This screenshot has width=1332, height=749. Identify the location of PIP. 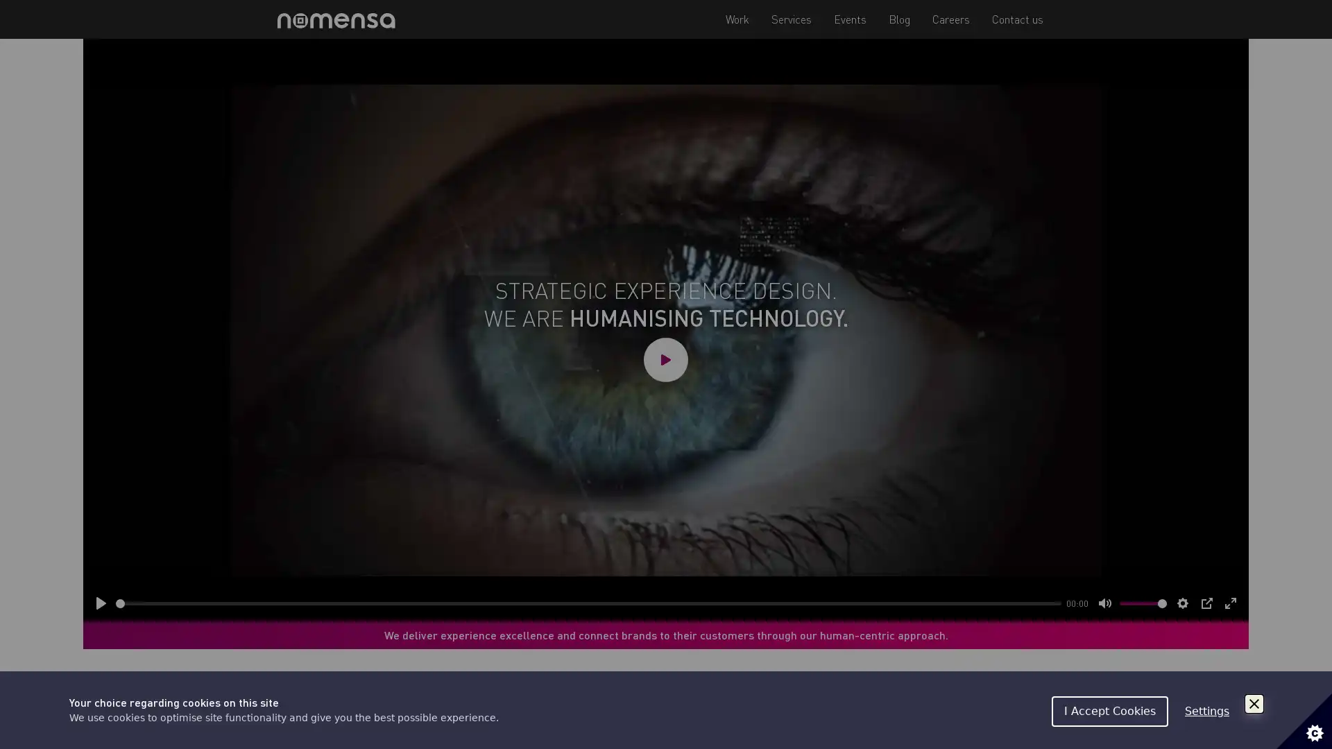
(1205, 603).